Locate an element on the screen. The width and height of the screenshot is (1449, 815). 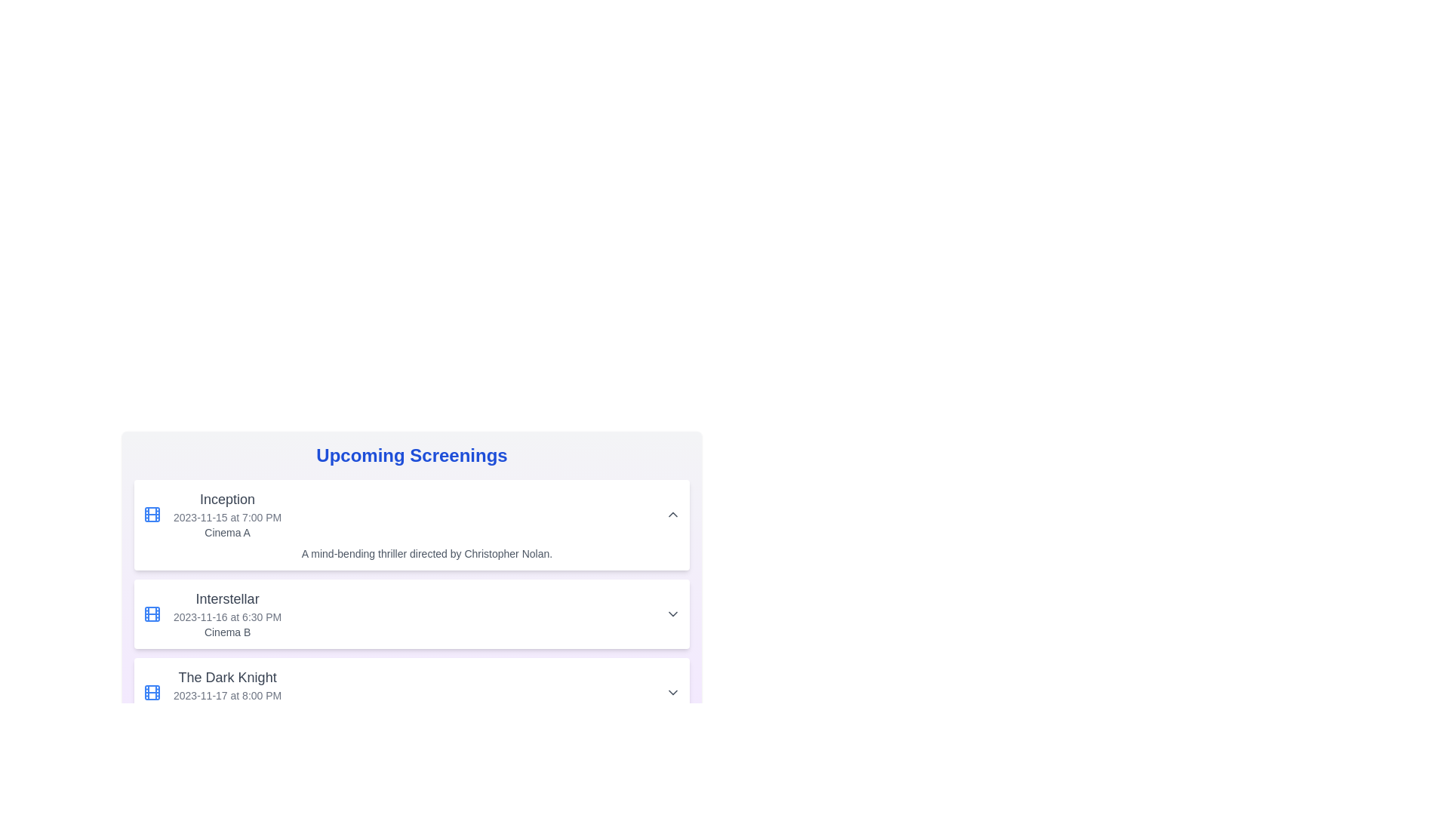
the gray textual paragraph reading 'A mind-bending thriller directed by Christopher Nolan.' located at the bottom of the first event card under the movie 'Inception' is located at coordinates (412, 553).